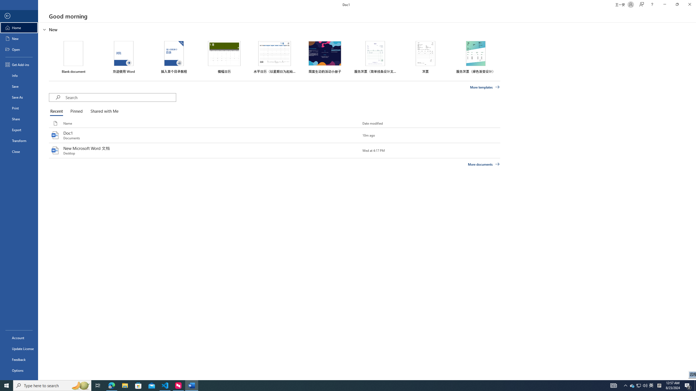 The width and height of the screenshot is (696, 391). I want to click on 'More templates', so click(485, 87).